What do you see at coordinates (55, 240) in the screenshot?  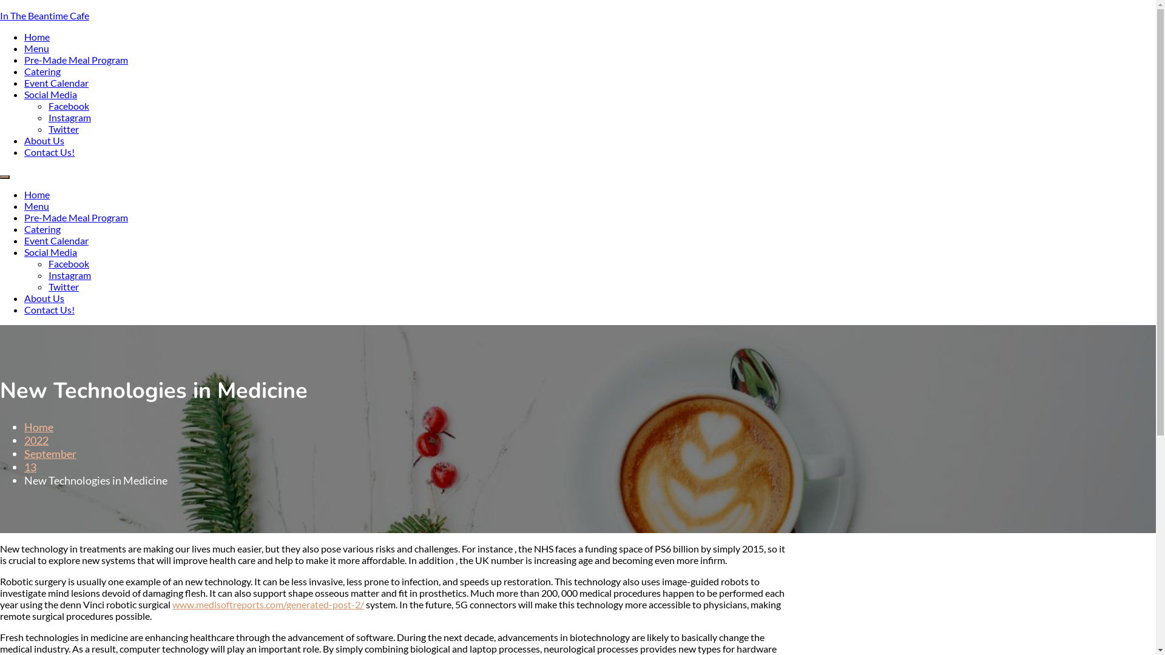 I see `'Event Calendar'` at bounding box center [55, 240].